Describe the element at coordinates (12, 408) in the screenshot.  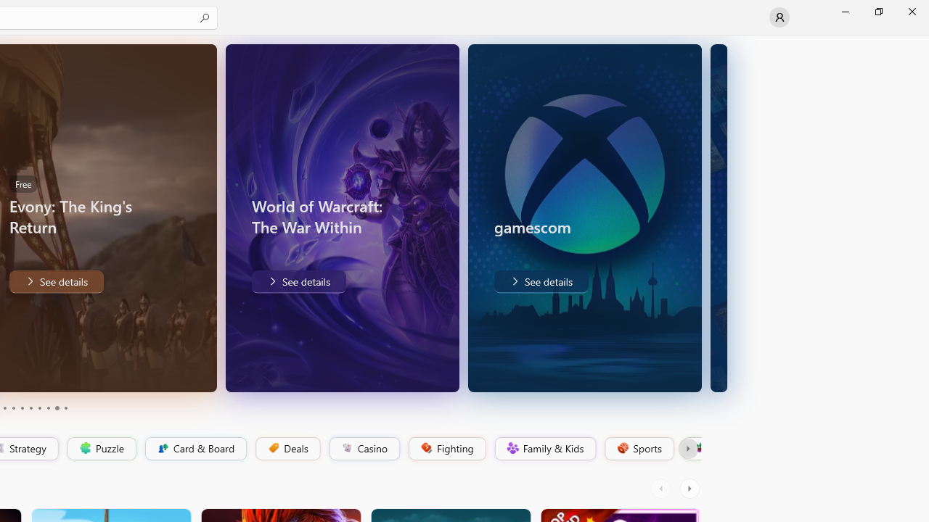
I see `'Page 4'` at that location.